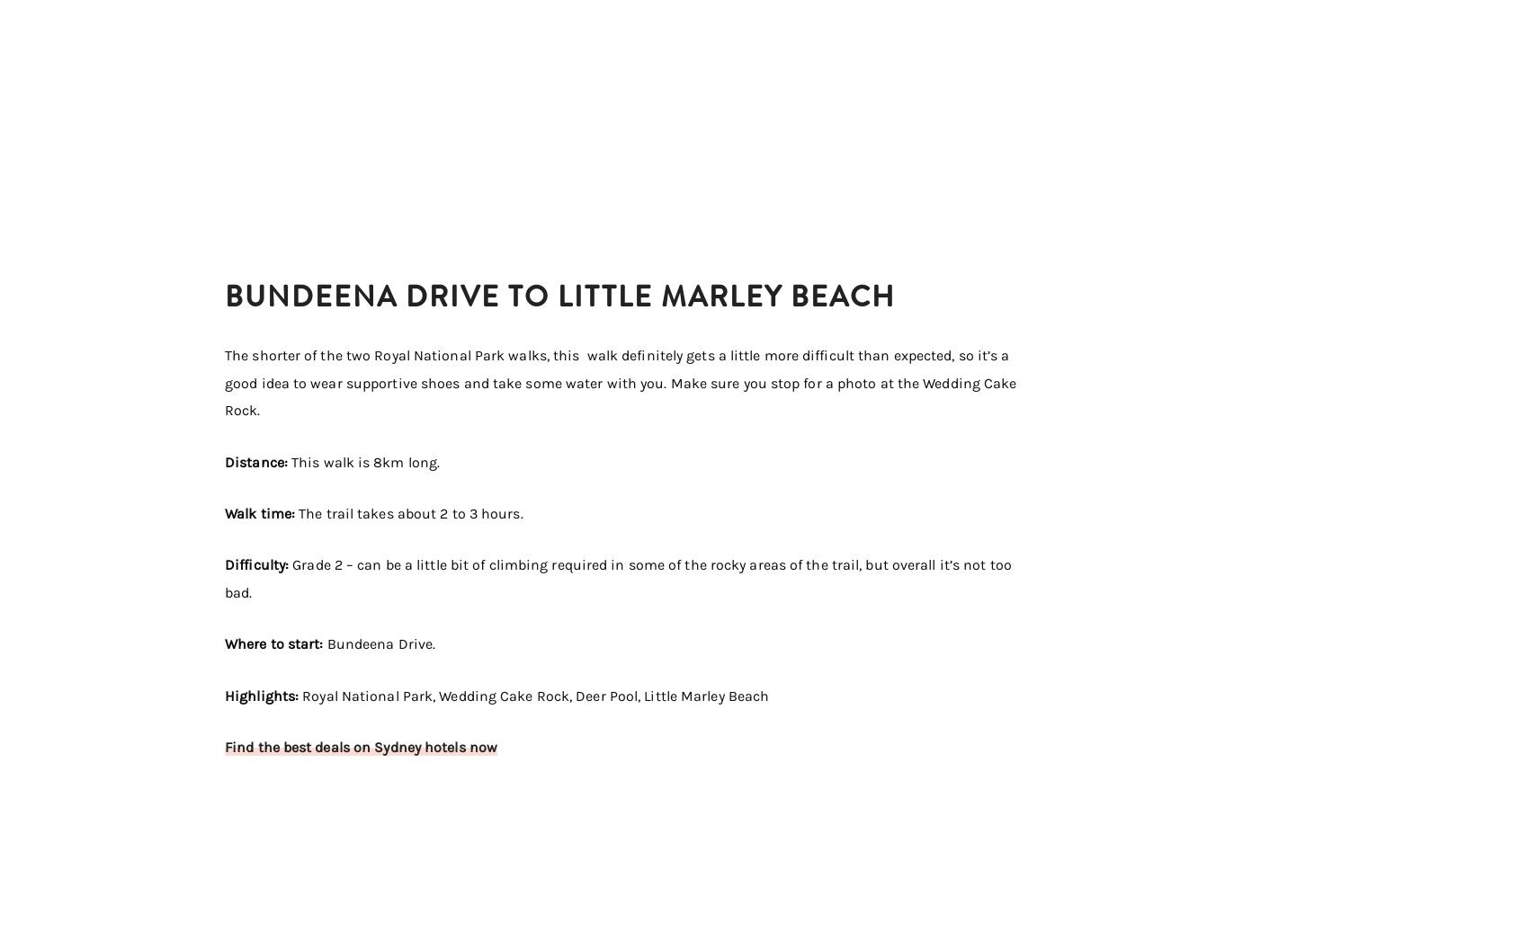  What do you see at coordinates (325, 643) in the screenshot?
I see `'Bundeena Drive.'` at bounding box center [325, 643].